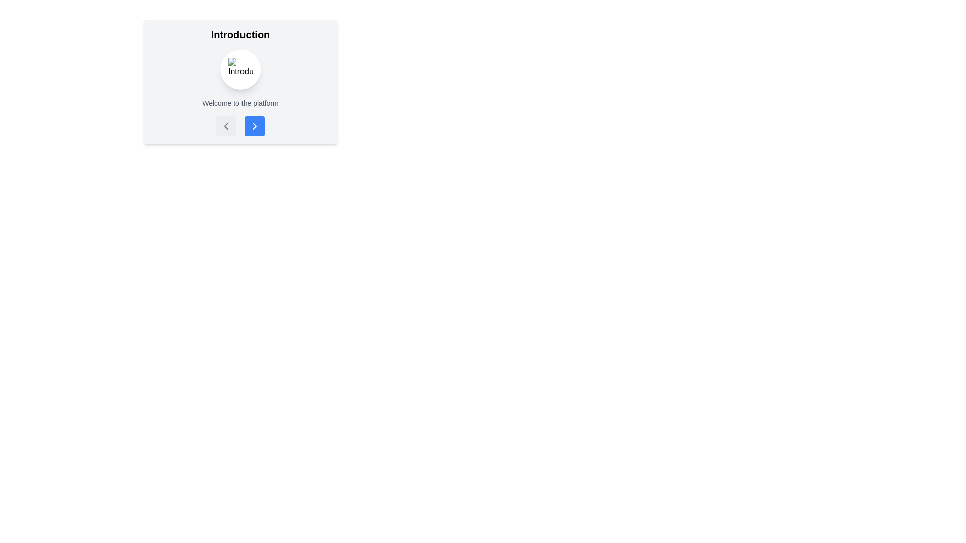 The image size is (966, 543). I want to click on the rectangular blue button with rounded corners that contains a right-facing chevron icon, so click(254, 125).